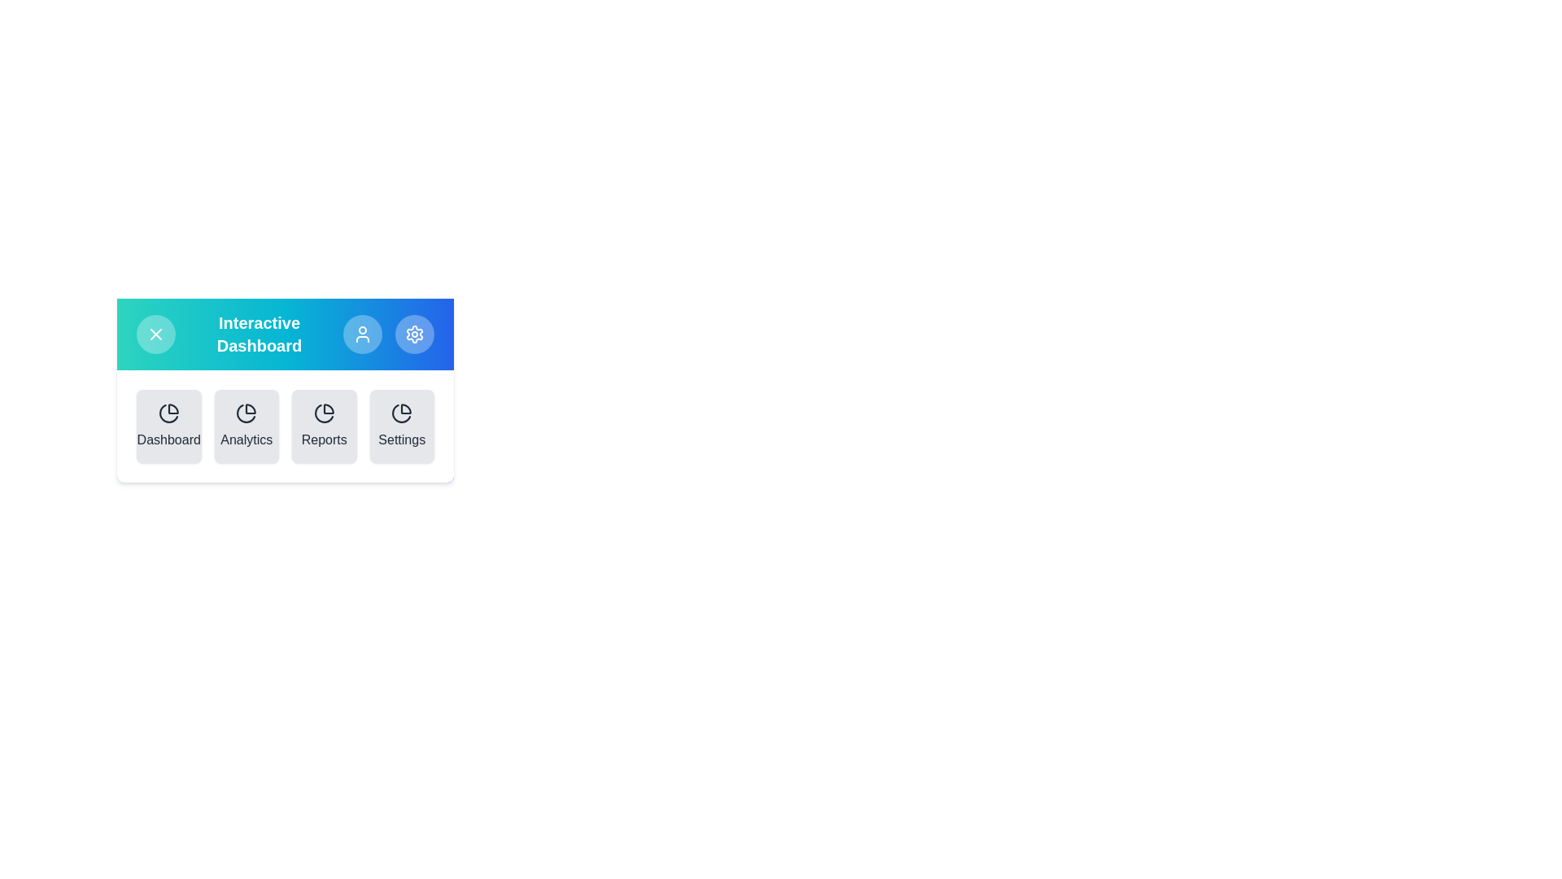 Image resolution: width=1562 pixels, height=879 pixels. What do you see at coordinates (362, 334) in the screenshot?
I see `the User icon button to access user-related actions` at bounding box center [362, 334].